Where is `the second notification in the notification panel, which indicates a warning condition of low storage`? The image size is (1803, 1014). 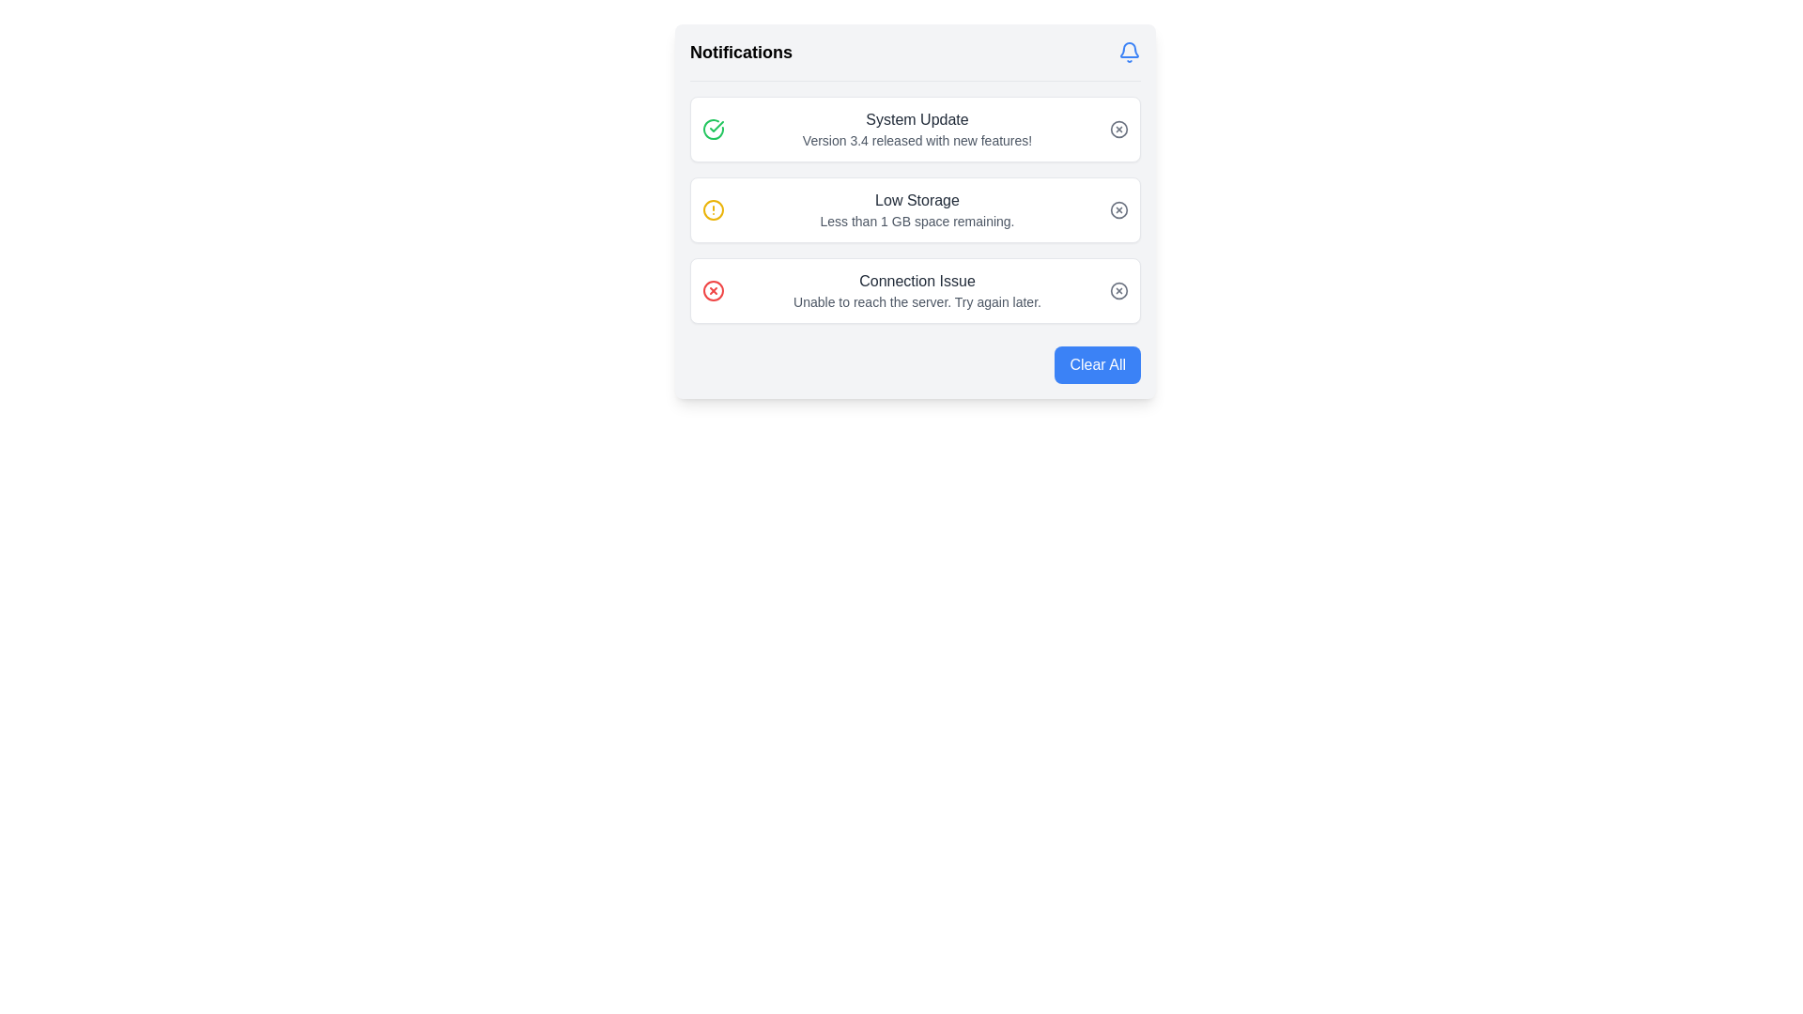 the second notification in the notification panel, which indicates a warning condition of low storage is located at coordinates (915, 209).